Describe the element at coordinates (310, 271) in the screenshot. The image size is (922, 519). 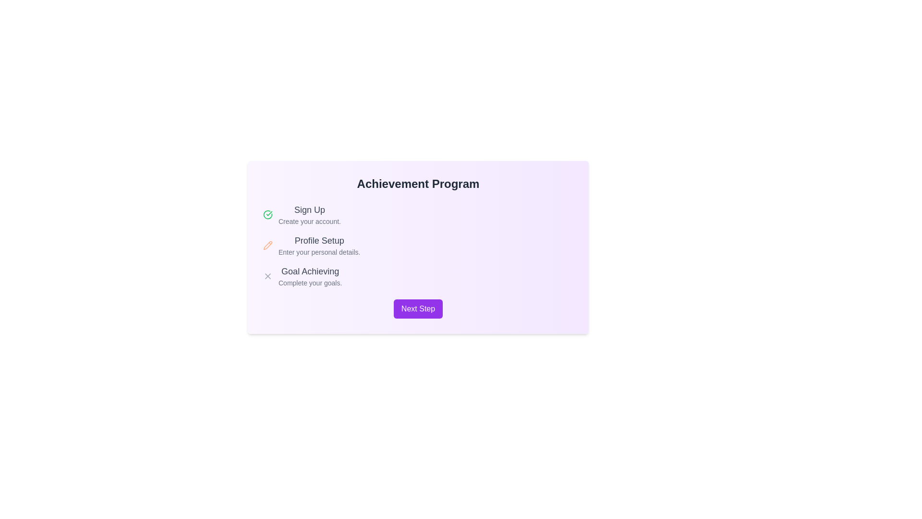
I see `the 'Goal Achieving' text label, which is the third item in a vertical list on the left side of the interface, styled in a larger gray font` at that location.